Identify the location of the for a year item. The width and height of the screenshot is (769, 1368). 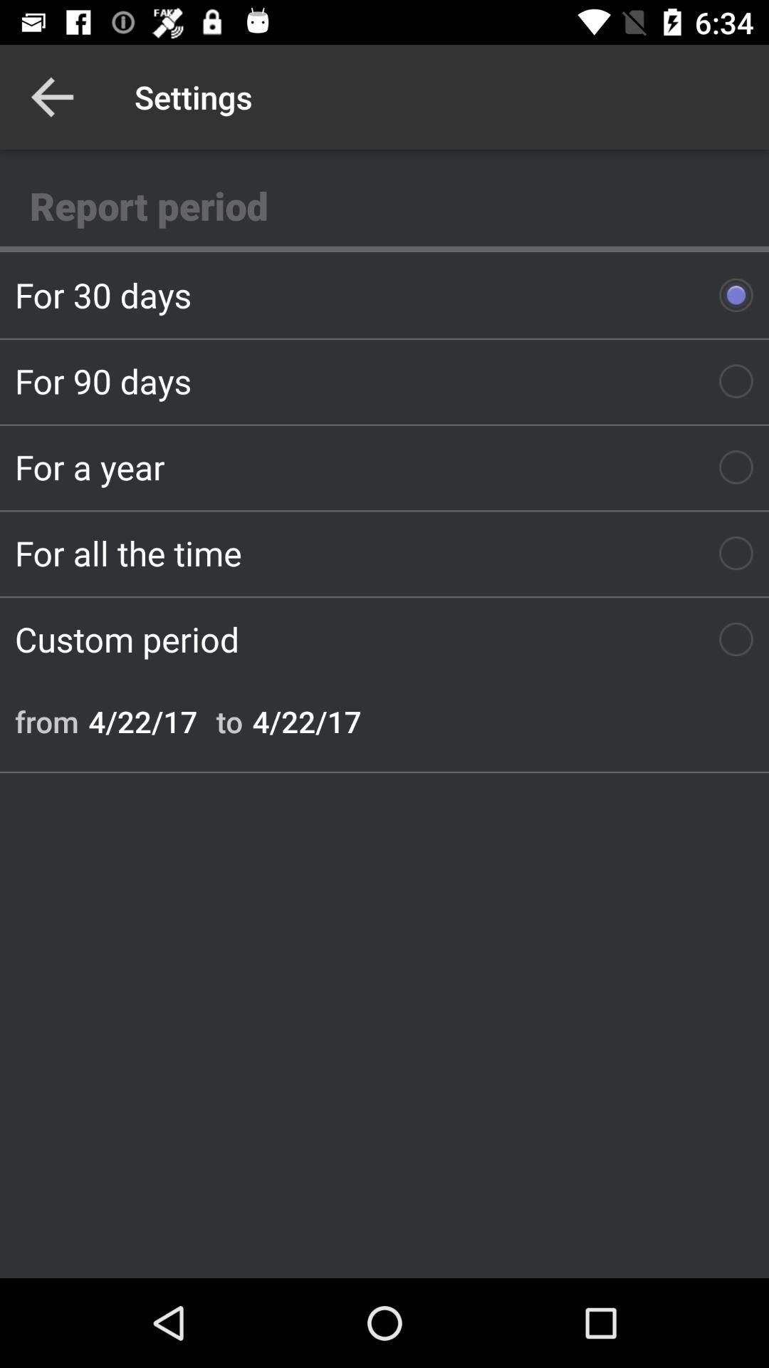
(384, 467).